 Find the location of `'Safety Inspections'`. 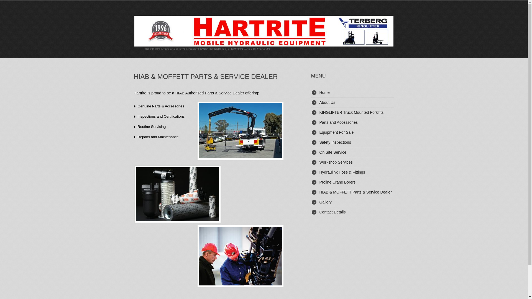

'Safety Inspections' is located at coordinates (319, 142).